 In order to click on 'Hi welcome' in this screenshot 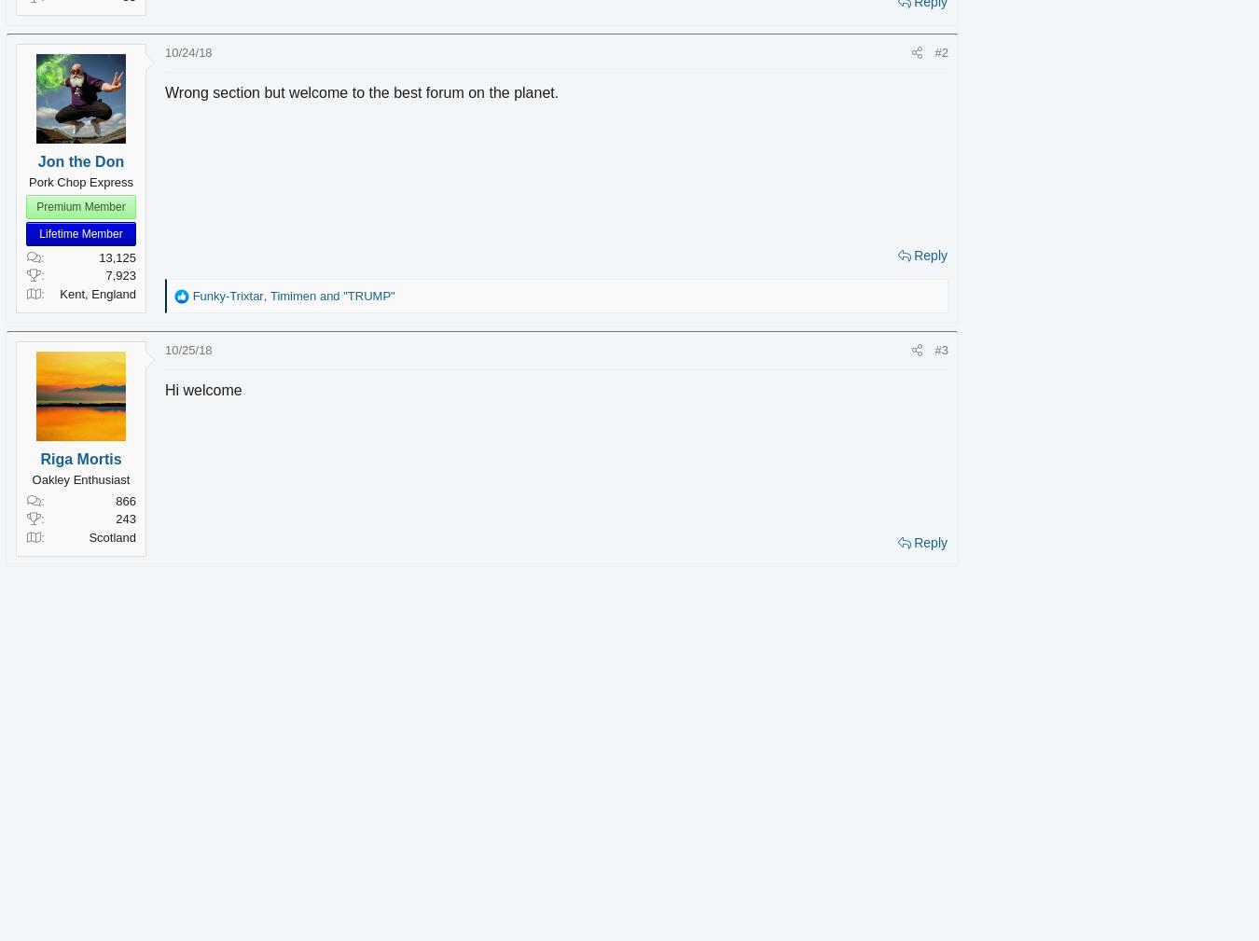, I will do `click(229, 388)`.